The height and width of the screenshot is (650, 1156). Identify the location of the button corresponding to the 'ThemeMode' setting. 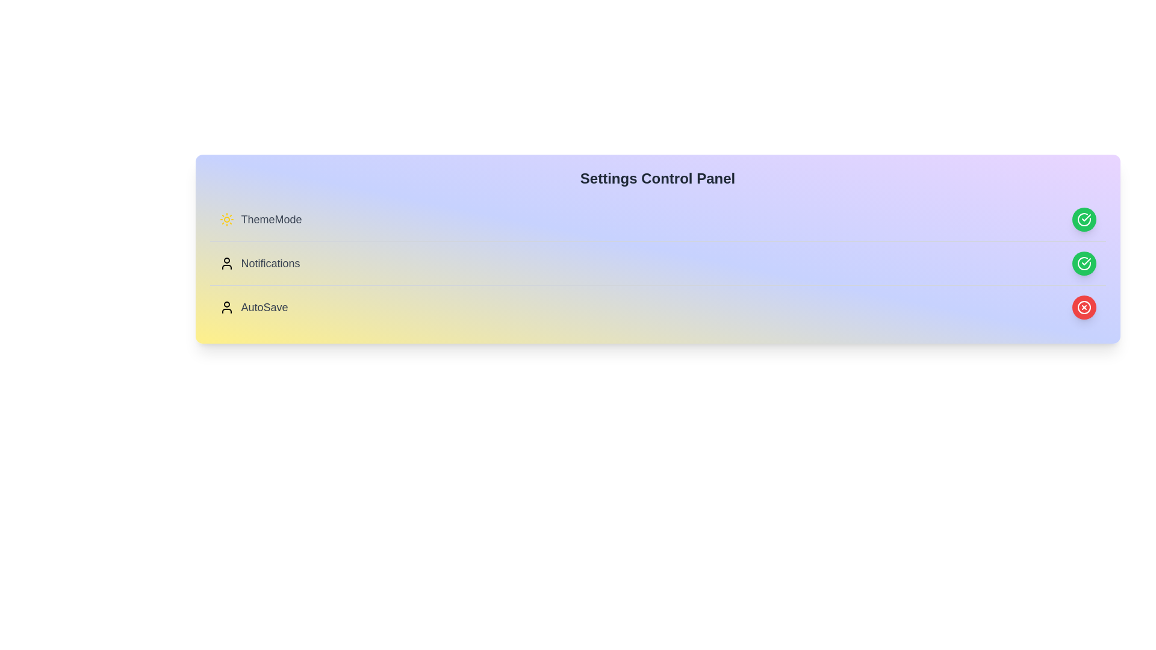
(1084, 220).